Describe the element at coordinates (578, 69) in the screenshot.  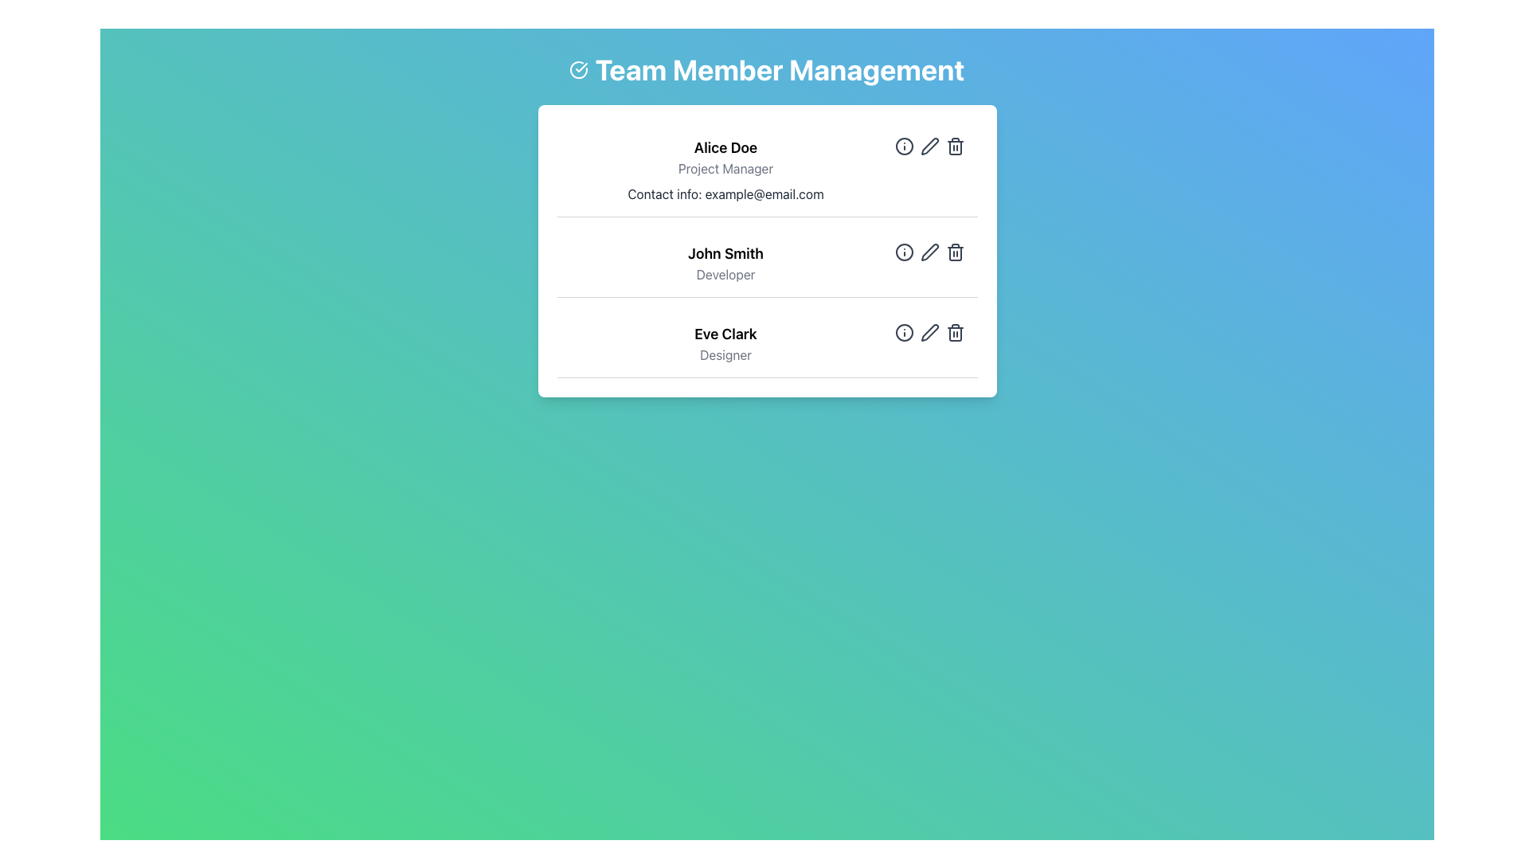
I see `the circular icon with a checkmark inside, located to the left of the heading 'Team Member Management', positioned in the top central region of the interface` at that location.